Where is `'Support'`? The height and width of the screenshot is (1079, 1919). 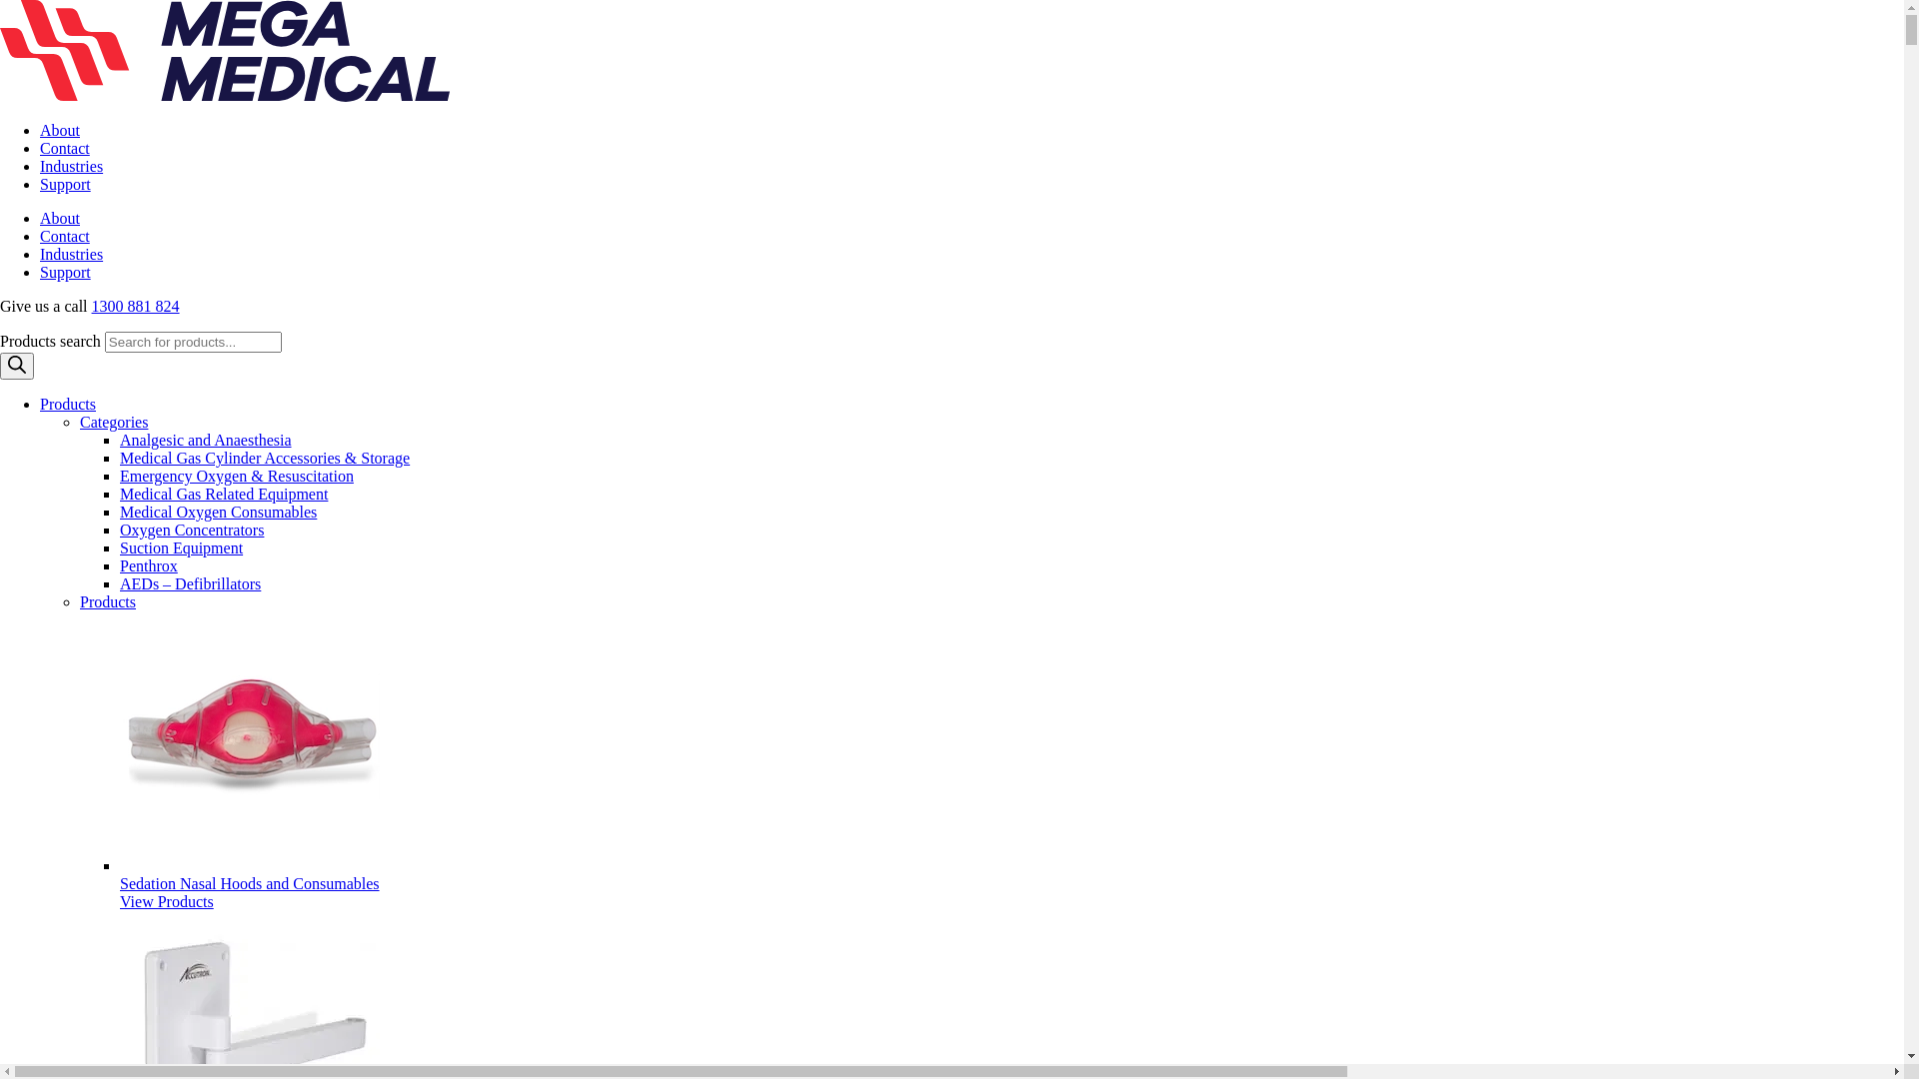 'Support' is located at coordinates (65, 184).